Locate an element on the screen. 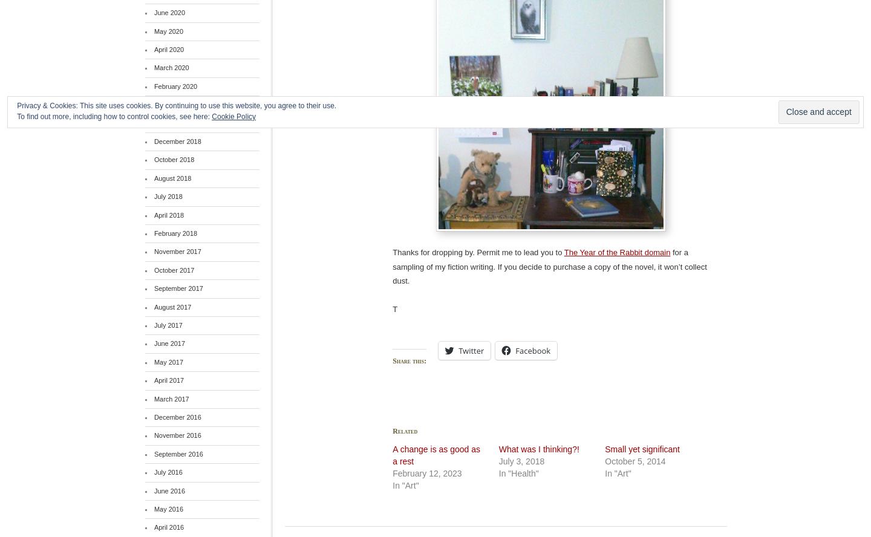 Image resolution: width=871 pixels, height=537 pixels. 'August 2018' is located at coordinates (171, 177).